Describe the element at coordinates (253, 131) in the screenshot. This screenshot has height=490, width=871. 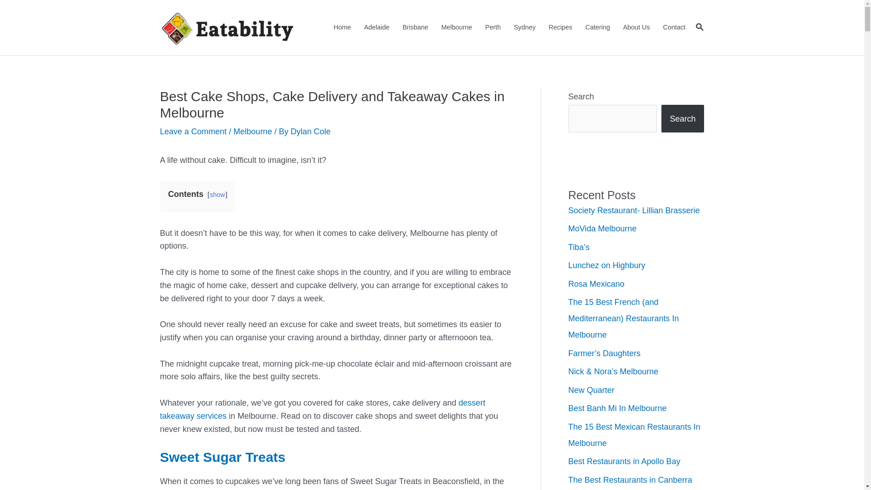
I see `'Melbourne'` at that location.